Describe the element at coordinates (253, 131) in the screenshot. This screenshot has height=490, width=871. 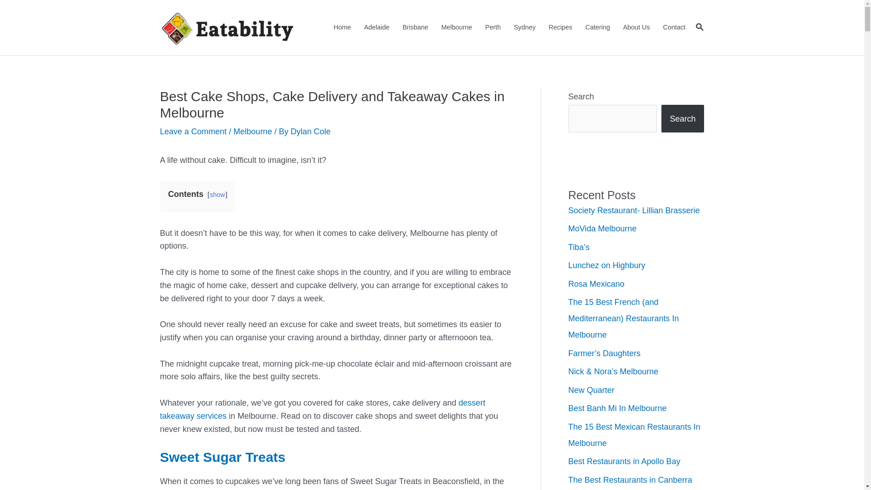
I see `'Melbourne'` at that location.